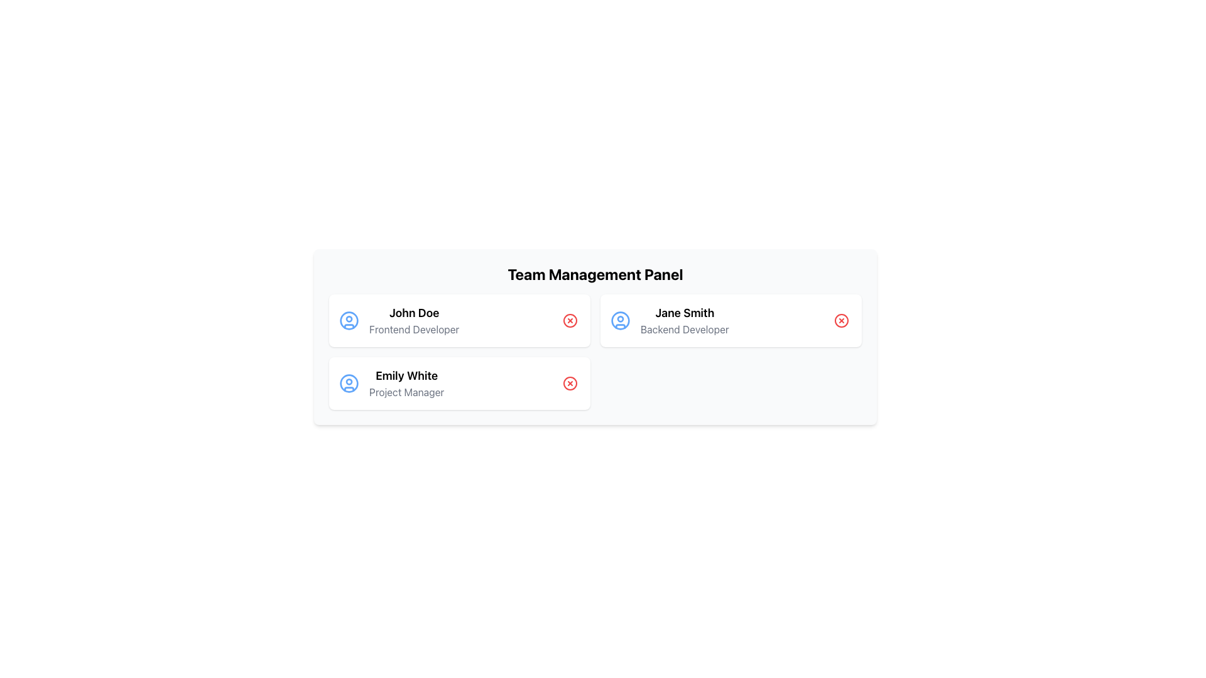  I want to click on the informational text label indicating the job title 'Backend Developer' for 'Jane Smith', located at the bottom of the card in the right column under 'Team Management Panel', so click(684, 328).